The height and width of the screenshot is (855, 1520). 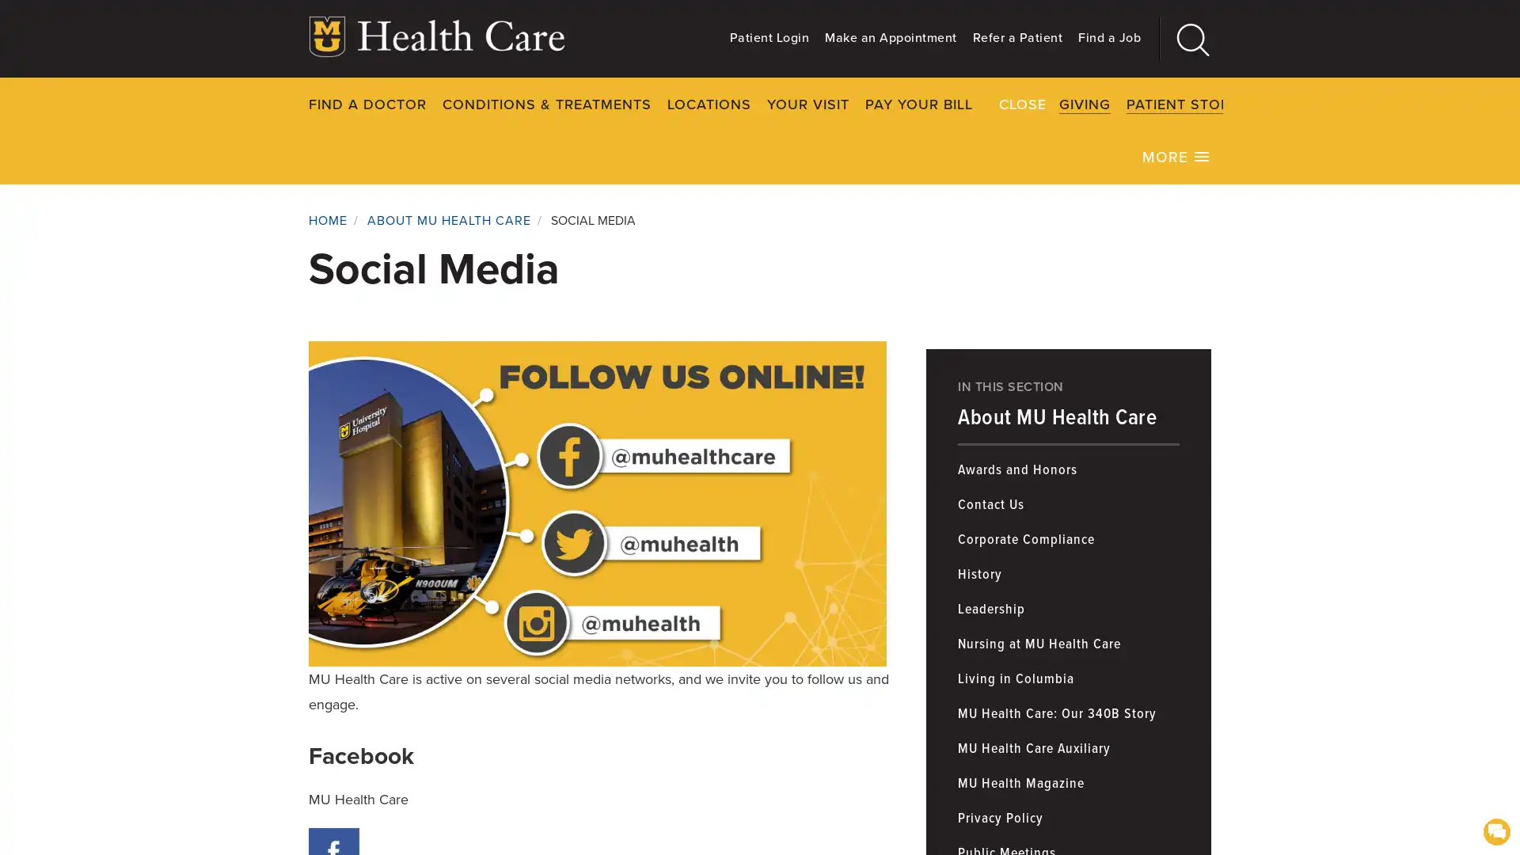 I want to click on CLOSE, so click(x=1258, y=103).